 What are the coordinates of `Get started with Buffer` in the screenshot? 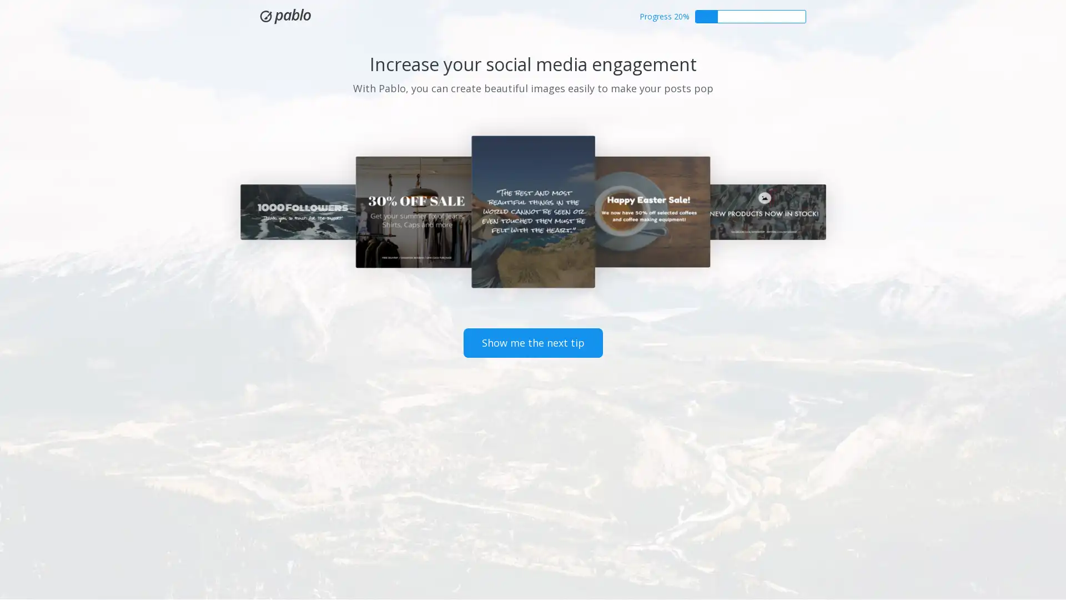 It's located at (744, 14).